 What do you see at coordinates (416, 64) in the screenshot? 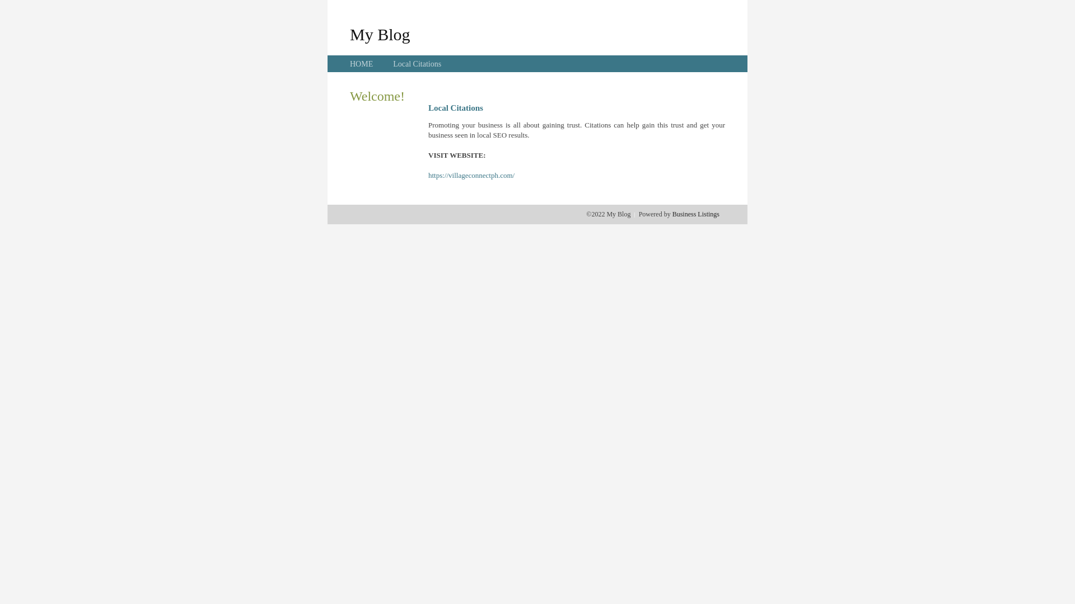
I see `'Local Citations'` at bounding box center [416, 64].